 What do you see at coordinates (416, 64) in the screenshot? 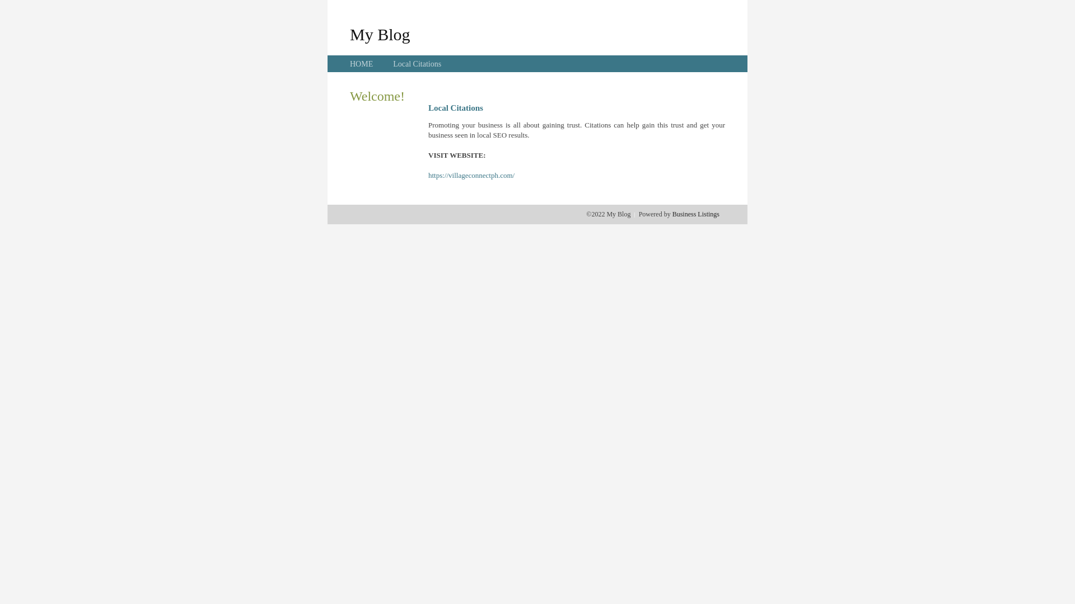
I see `'Local Citations'` at bounding box center [416, 64].